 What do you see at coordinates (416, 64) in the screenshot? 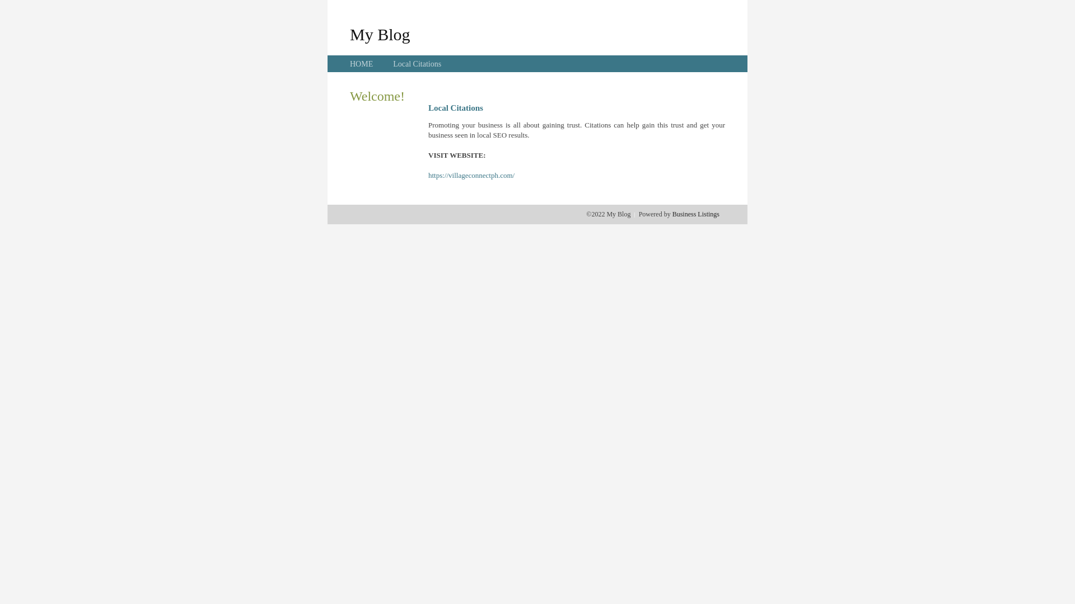
I see `'Local Citations'` at bounding box center [416, 64].